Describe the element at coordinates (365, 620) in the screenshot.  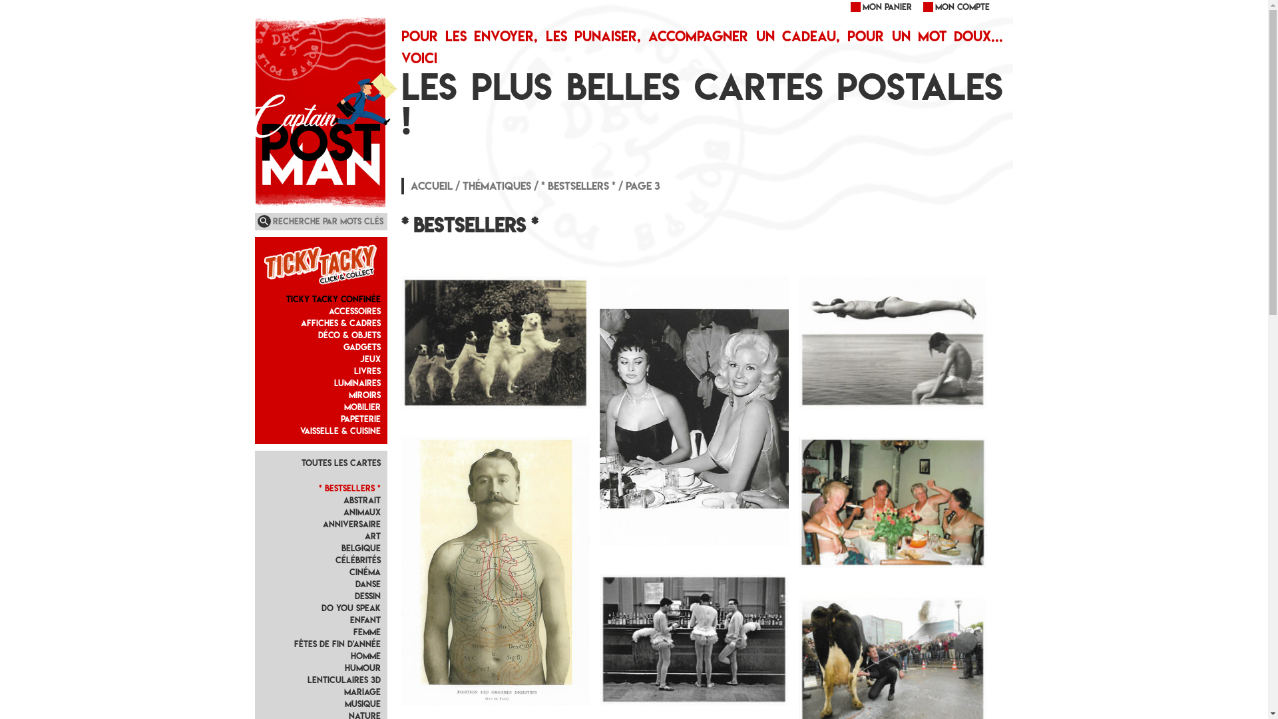
I see `'Enfant'` at that location.